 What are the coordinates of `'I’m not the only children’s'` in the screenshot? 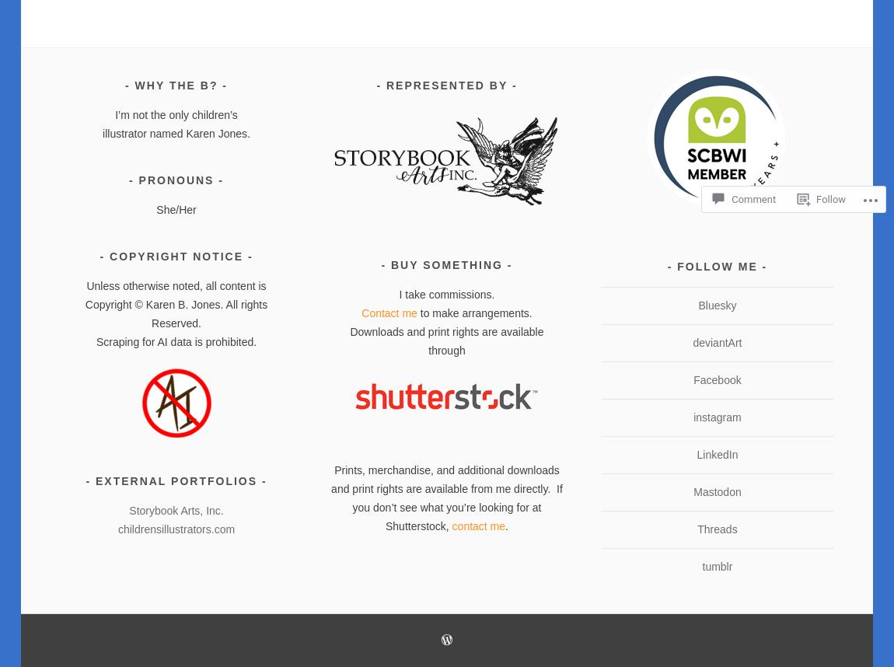 It's located at (175, 114).